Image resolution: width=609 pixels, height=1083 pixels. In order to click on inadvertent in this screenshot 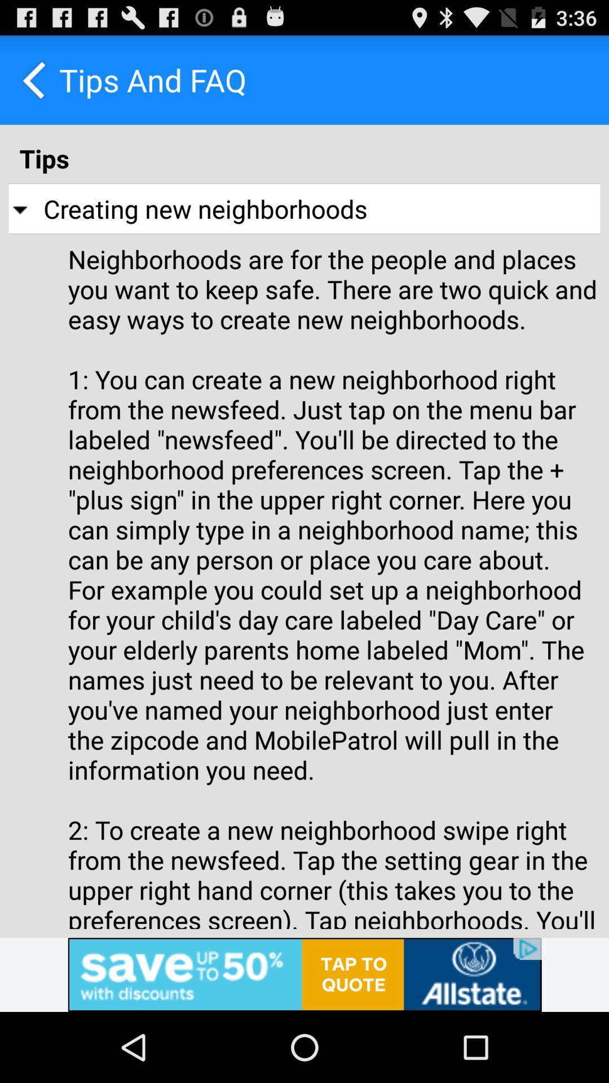, I will do `click(304, 974)`.